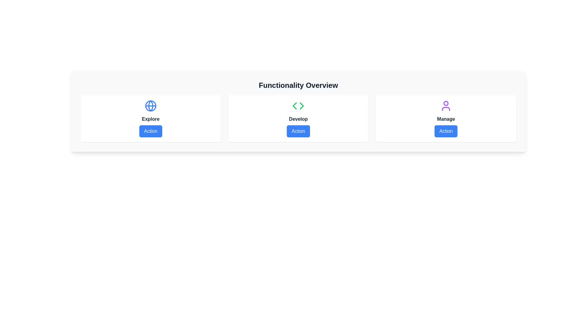  Describe the element at coordinates (446, 119) in the screenshot. I see `the label that indicates the functionality or section represented by the third card in a row of three cards, positioned centrally below the user icon and above the 'Action' button` at that location.